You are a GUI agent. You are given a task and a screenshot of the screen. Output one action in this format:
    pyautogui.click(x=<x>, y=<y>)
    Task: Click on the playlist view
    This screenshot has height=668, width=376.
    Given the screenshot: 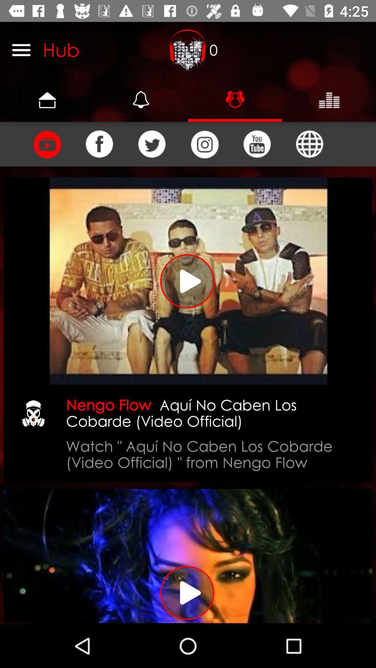 What is the action you would take?
    pyautogui.click(x=47, y=144)
    